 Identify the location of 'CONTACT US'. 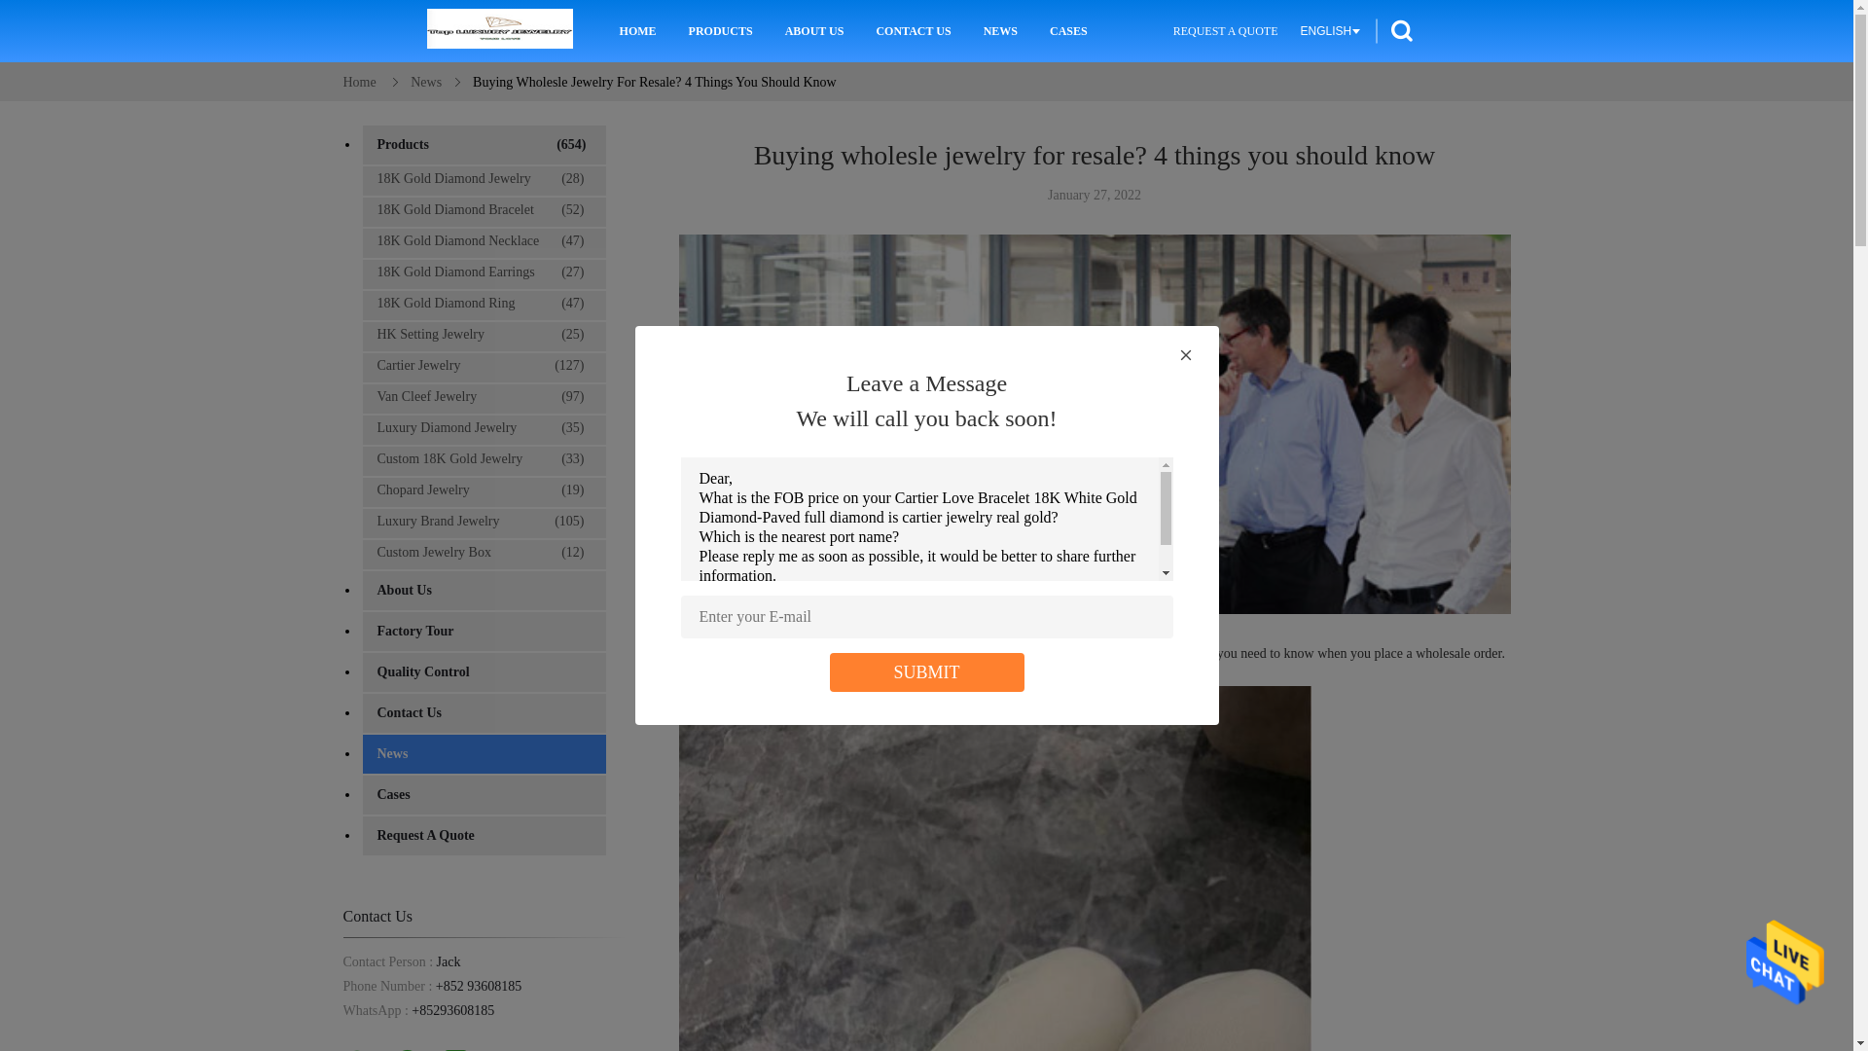
(912, 30).